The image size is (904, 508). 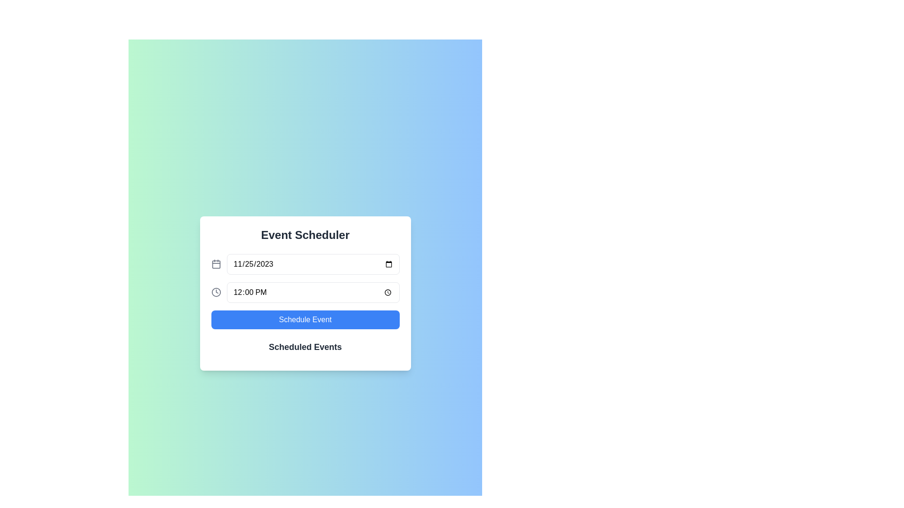 What do you see at coordinates (305, 292) in the screenshot?
I see `the time input field with a value of '12:00 PM' to modify the time` at bounding box center [305, 292].